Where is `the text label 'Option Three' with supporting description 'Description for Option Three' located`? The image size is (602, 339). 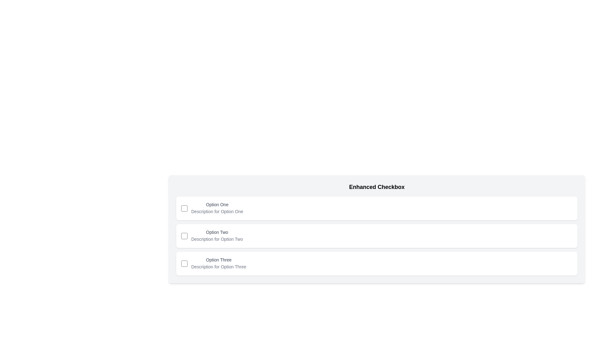
the text label 'Option Three' with supporting description 'Description for Option Three' located is located at coordinates (219, 264).